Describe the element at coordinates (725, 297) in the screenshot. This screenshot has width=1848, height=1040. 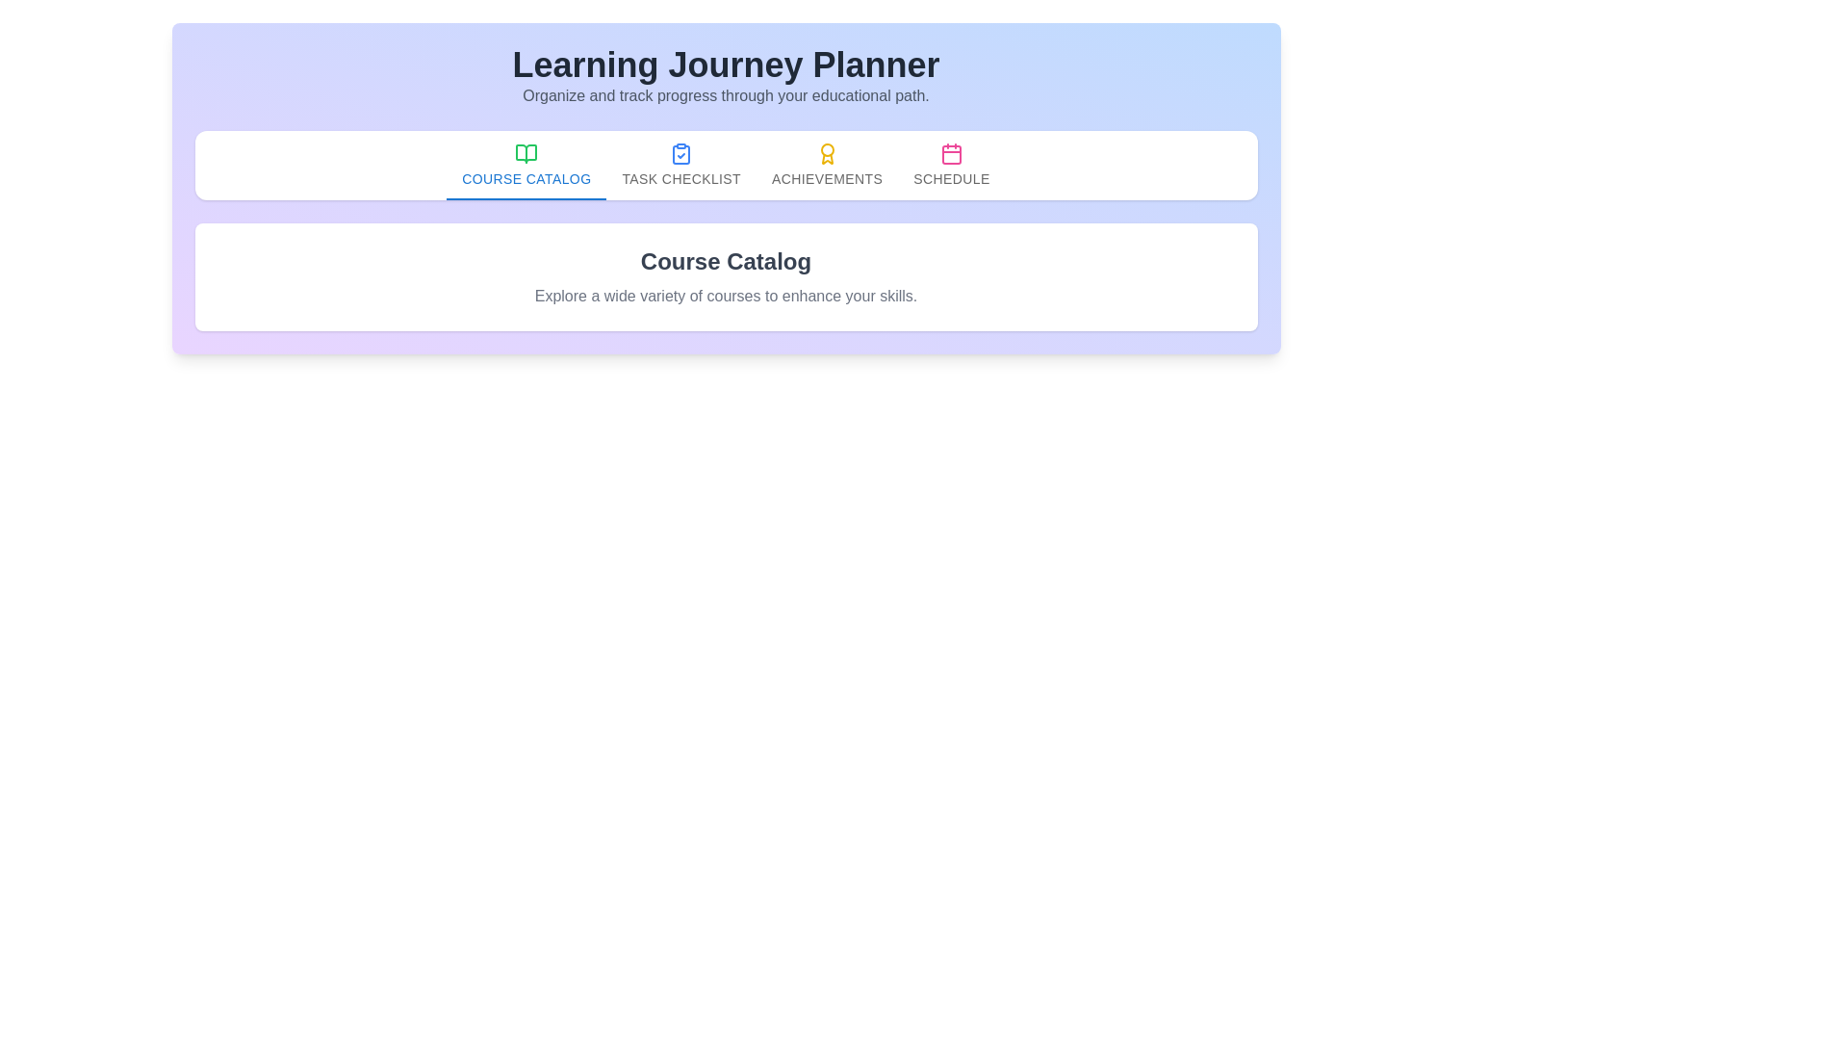
I see `the static text paragraph element that reads 'Explore a wide variety of courses to enhance your skills.', which is positioned below the 'Course Catalog' header` at that location.